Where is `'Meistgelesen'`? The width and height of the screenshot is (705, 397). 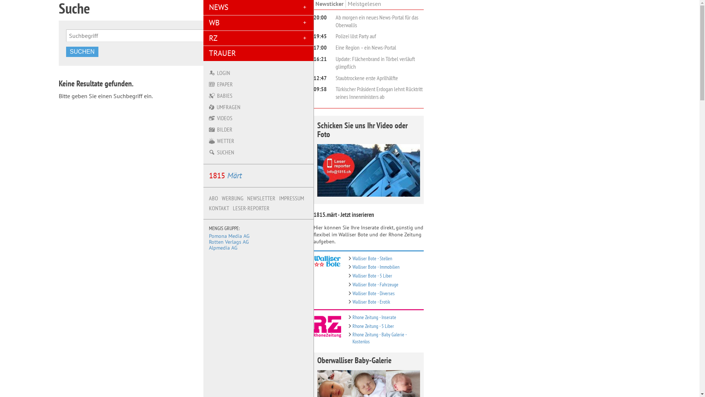 'Meistgelesen' is located at coordinates (364, 4).